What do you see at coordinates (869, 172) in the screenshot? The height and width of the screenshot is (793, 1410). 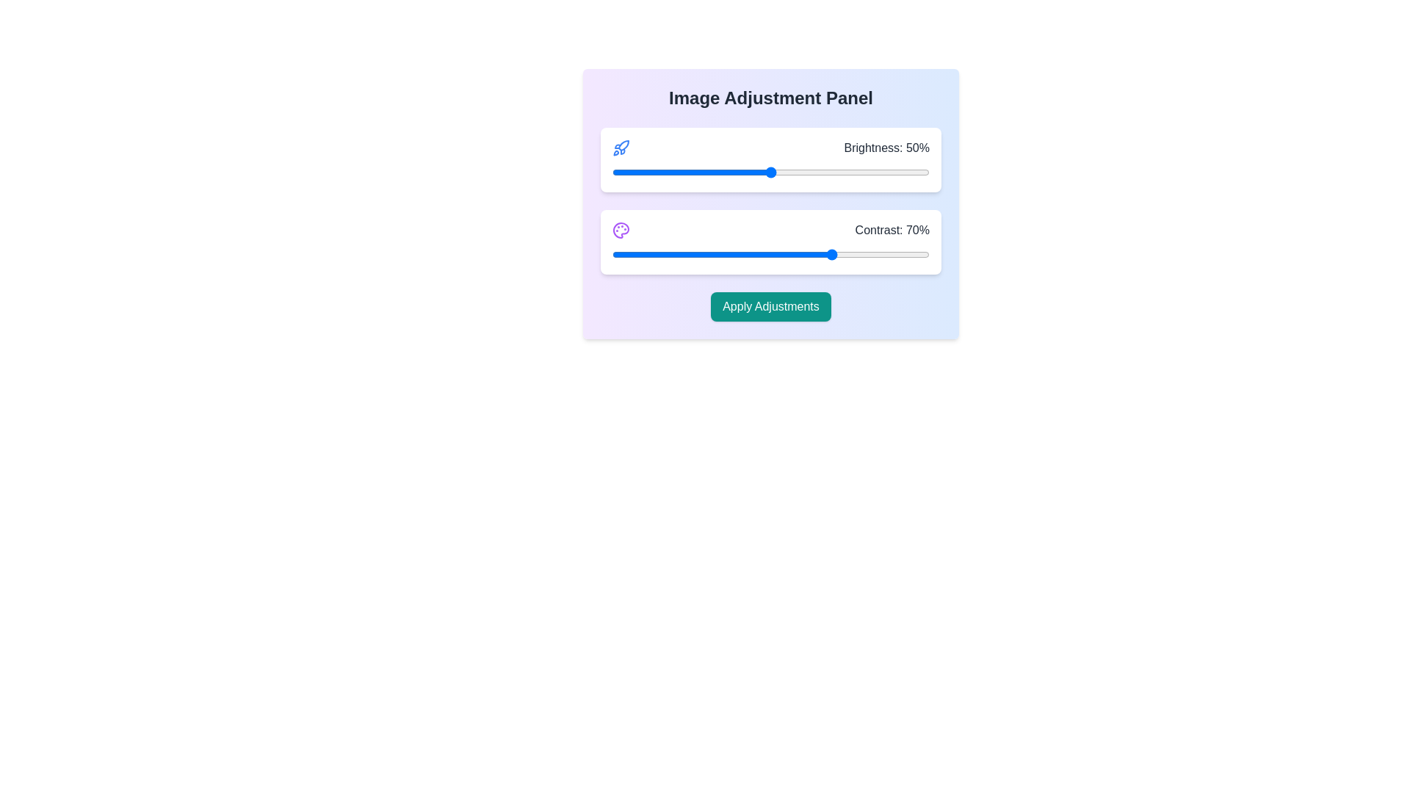 I see `the brightness slider to 81%` at bounding box center [869, 172].